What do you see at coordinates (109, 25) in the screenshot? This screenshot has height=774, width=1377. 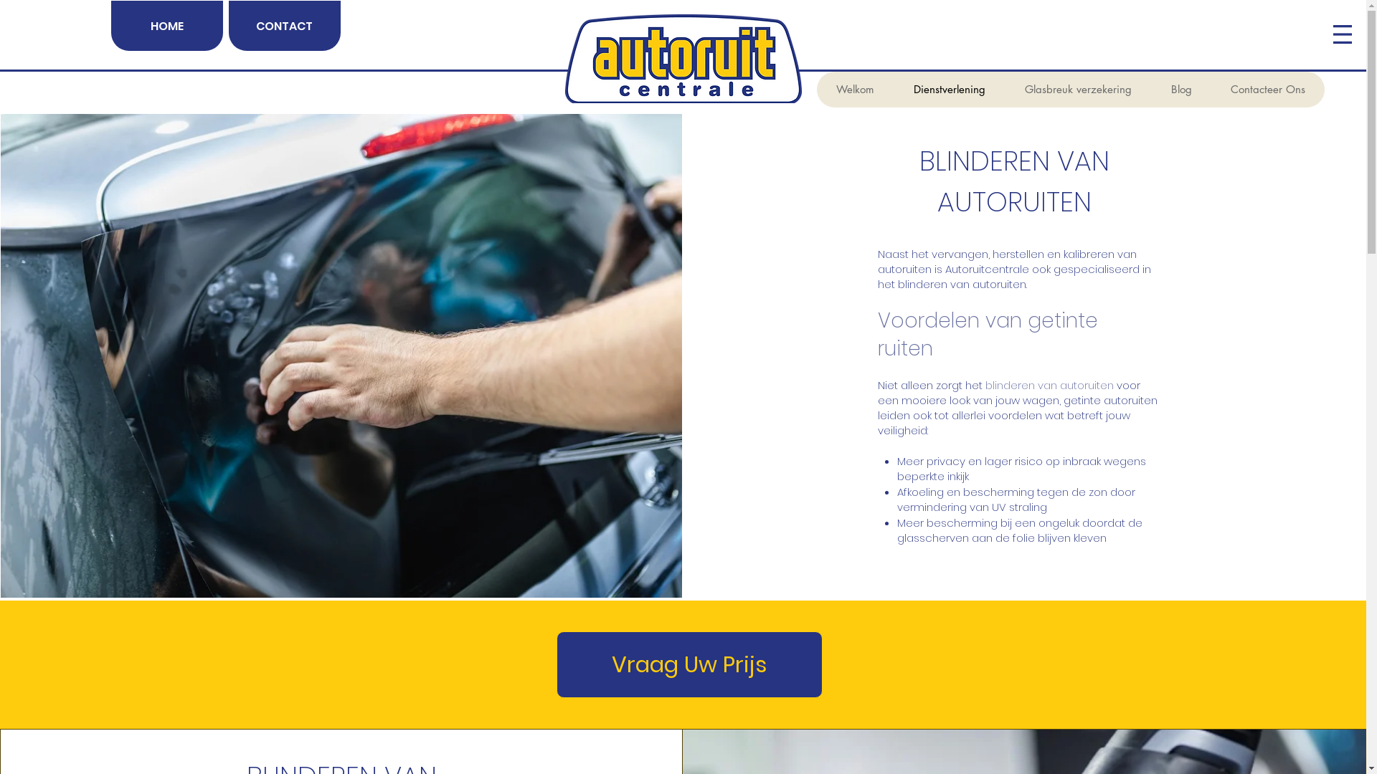 I see `'HOME'` at bounding box center [109, 25].